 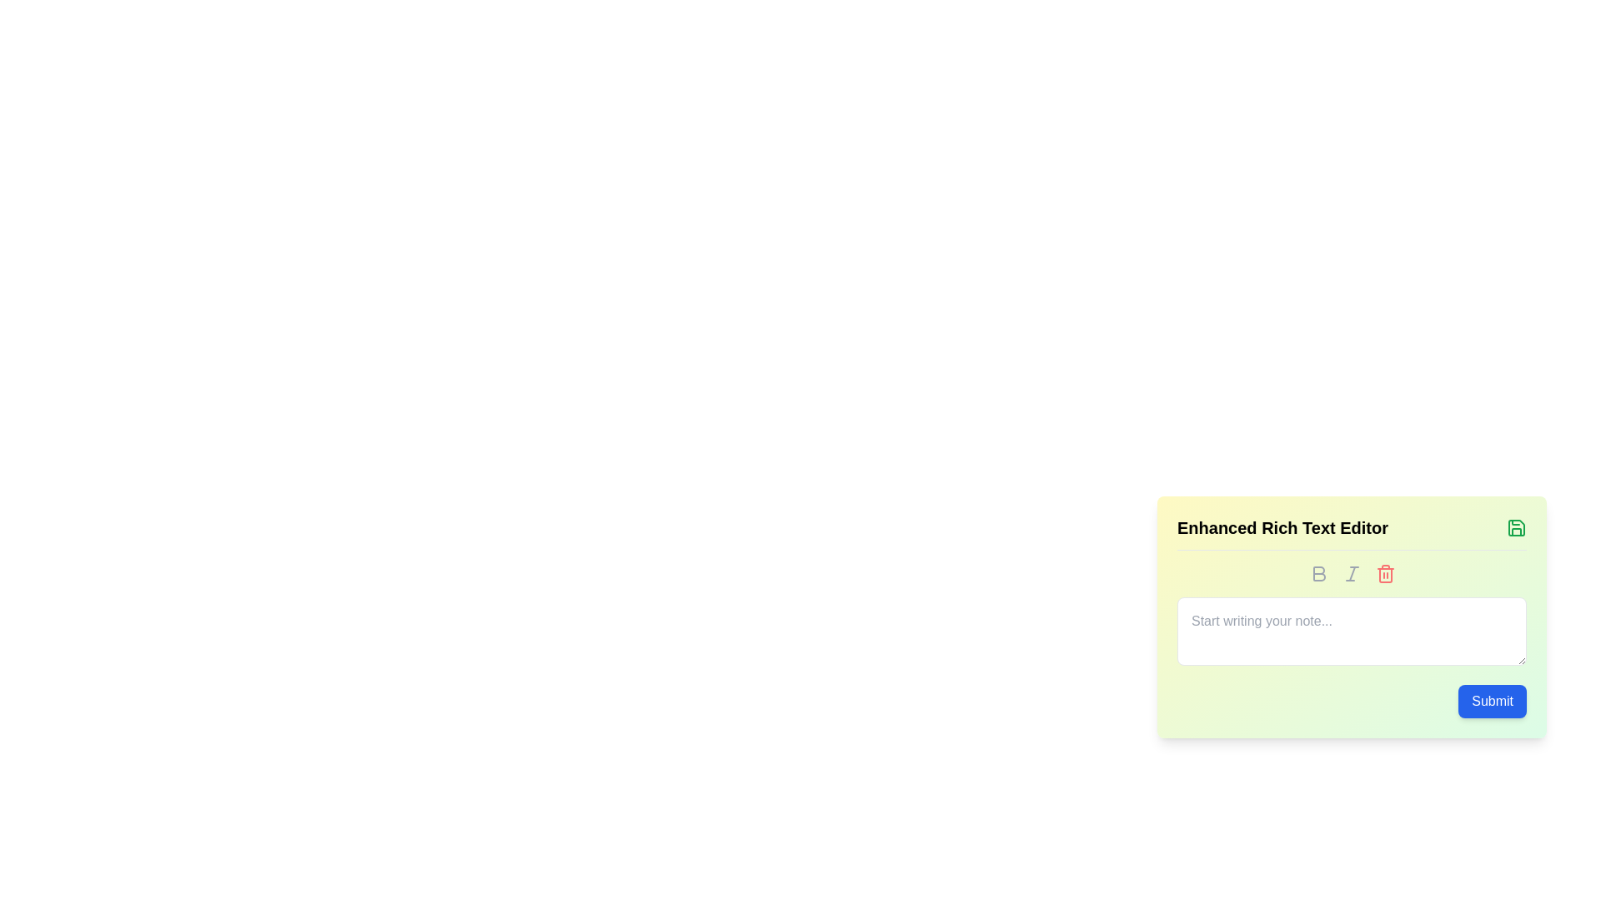 What do you see at coordinates (1493, 701) in the screenshot?
I see `the submit button located at the bottom-right corner of the 'Enhanced Rich Text Editor' card to change its appearance` at bounding box center [1493, 701].